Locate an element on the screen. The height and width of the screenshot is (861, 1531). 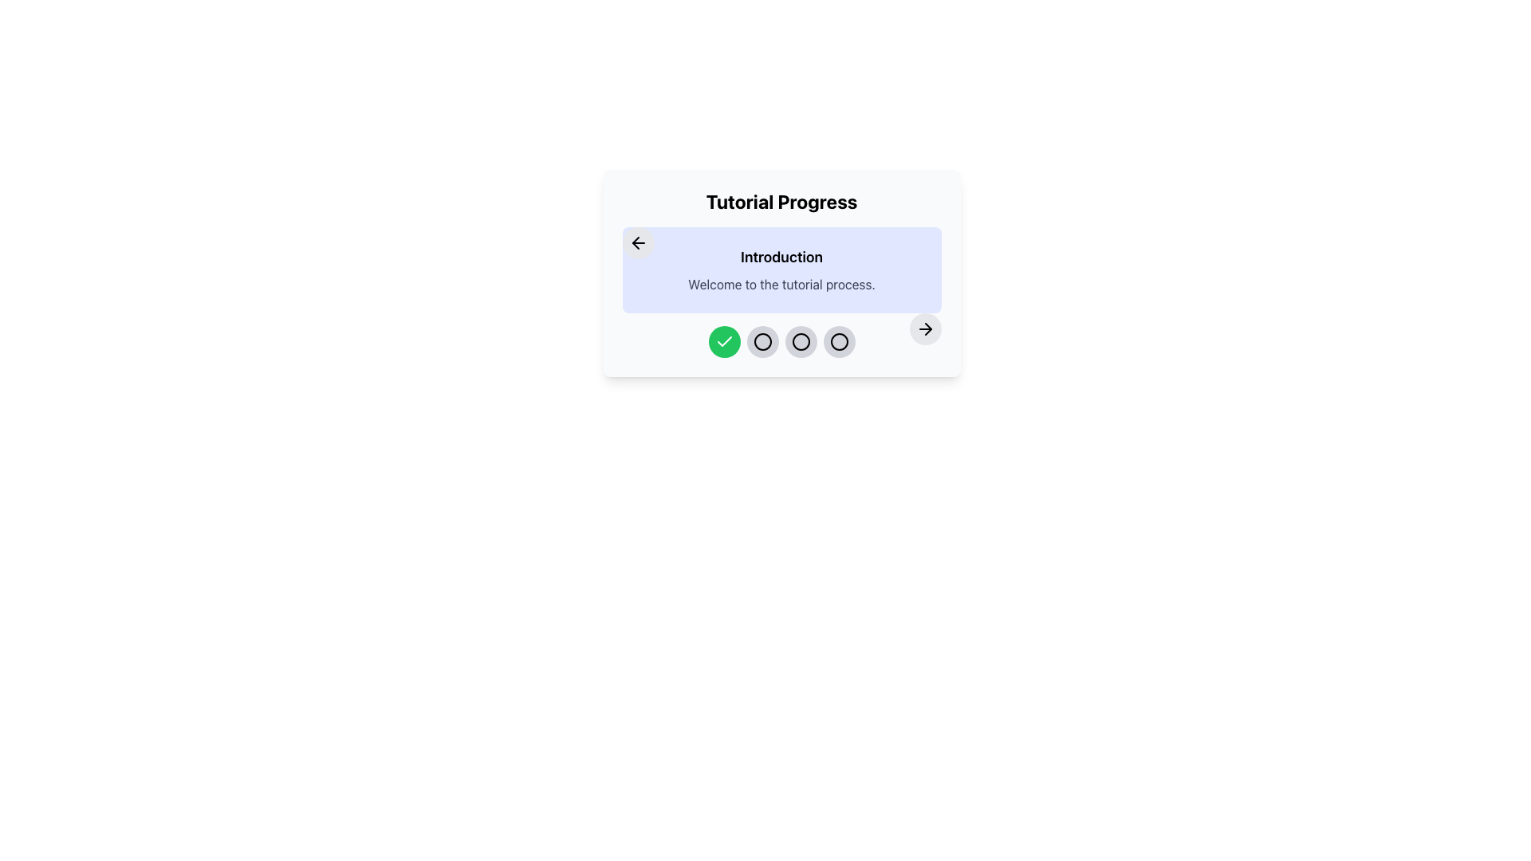
the fourth circular progress indicator icon within the 'Tutorial Progress' panel is located at coordinates (838, 340).